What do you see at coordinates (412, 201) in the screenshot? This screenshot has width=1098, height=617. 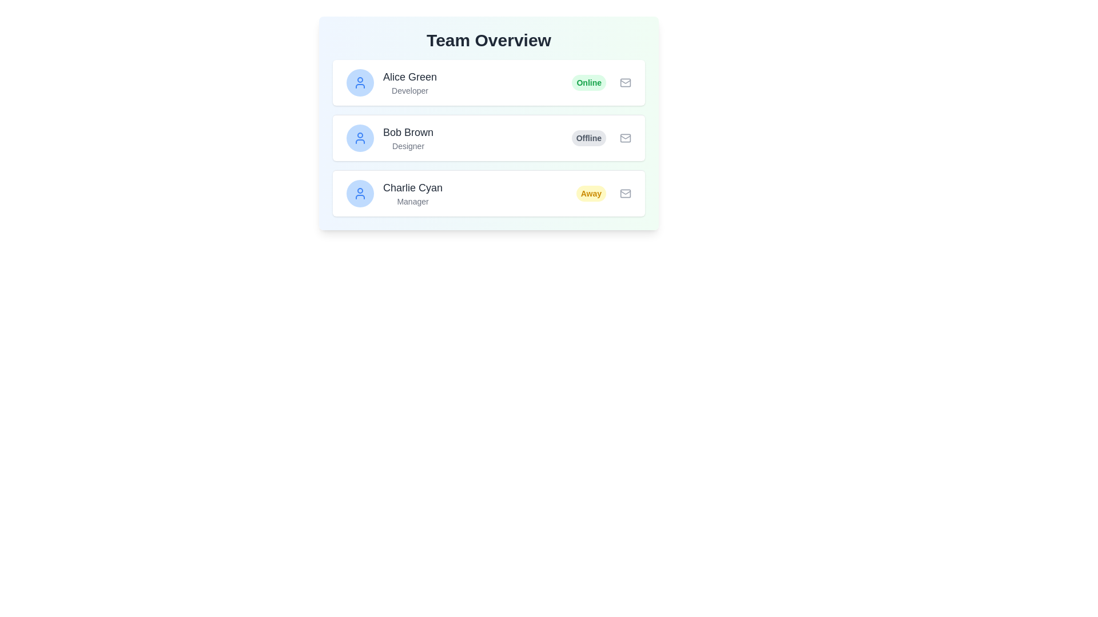 I see `the static text label displaying 'Manager' below 'Charlie Cyan' in the Team Overview list` at bounding box center [412, 201].